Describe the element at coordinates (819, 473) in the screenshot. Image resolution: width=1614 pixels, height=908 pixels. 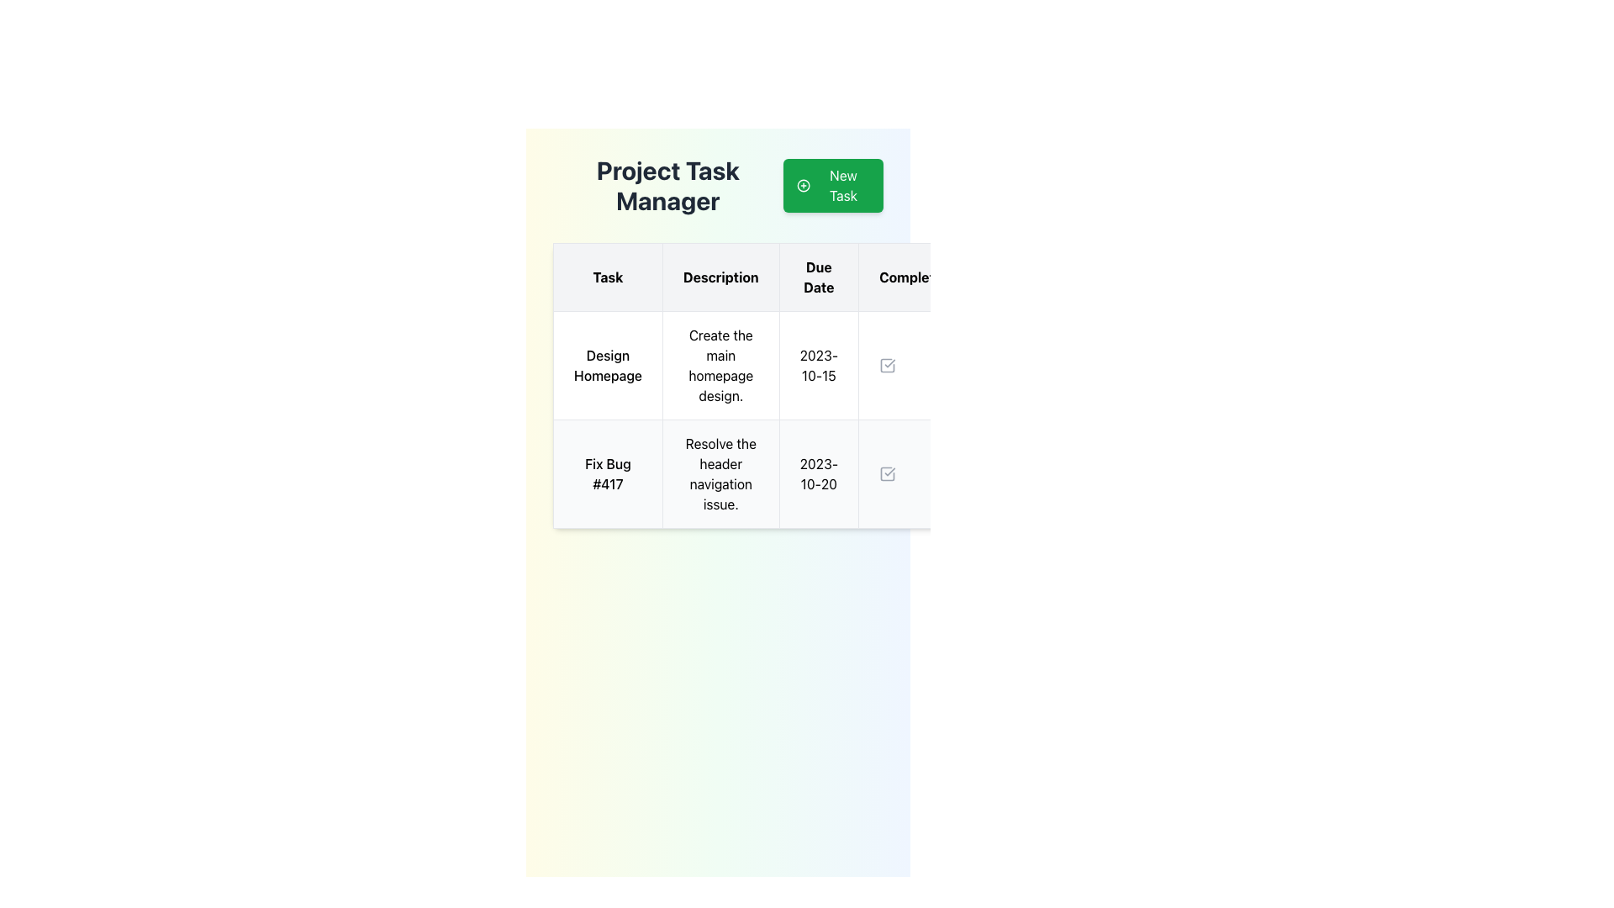
I see `the Text Label displaying '2023-10-20' in the fourth column of the second row of the 'Fix Bug #417' task row` at that location.